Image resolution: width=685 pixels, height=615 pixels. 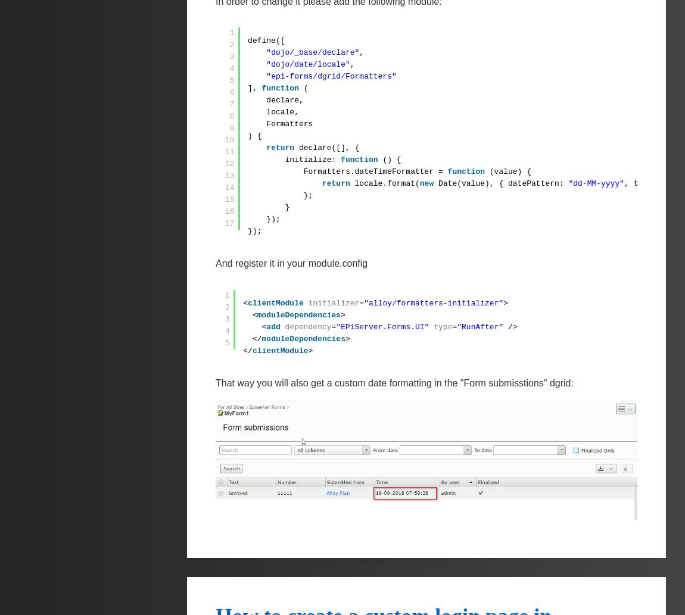 What do you see at coordinates (282, 111) in the screenshot?
I see `'locale,'` at bounding box center [282, 111].